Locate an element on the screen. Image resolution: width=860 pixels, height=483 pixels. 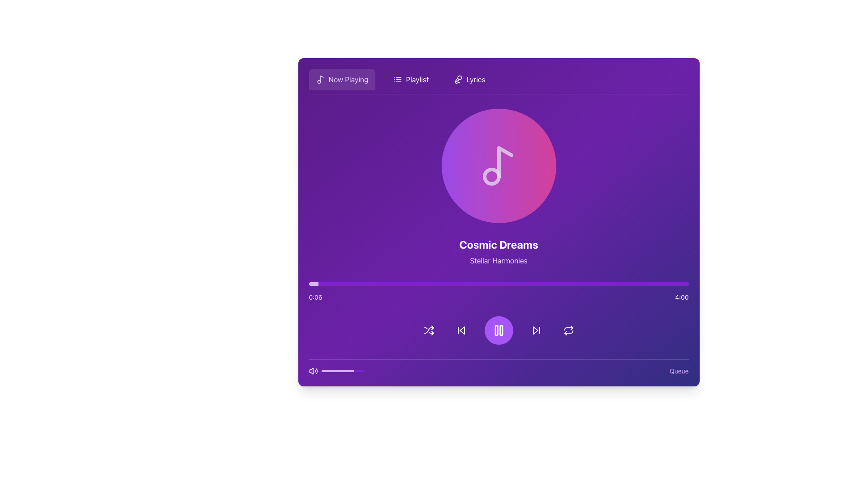
the 'Playlist' button, which is located in the top bar between the 'Now Playing' and 'Lyrics' buttons is located at coordinates (410, 79).